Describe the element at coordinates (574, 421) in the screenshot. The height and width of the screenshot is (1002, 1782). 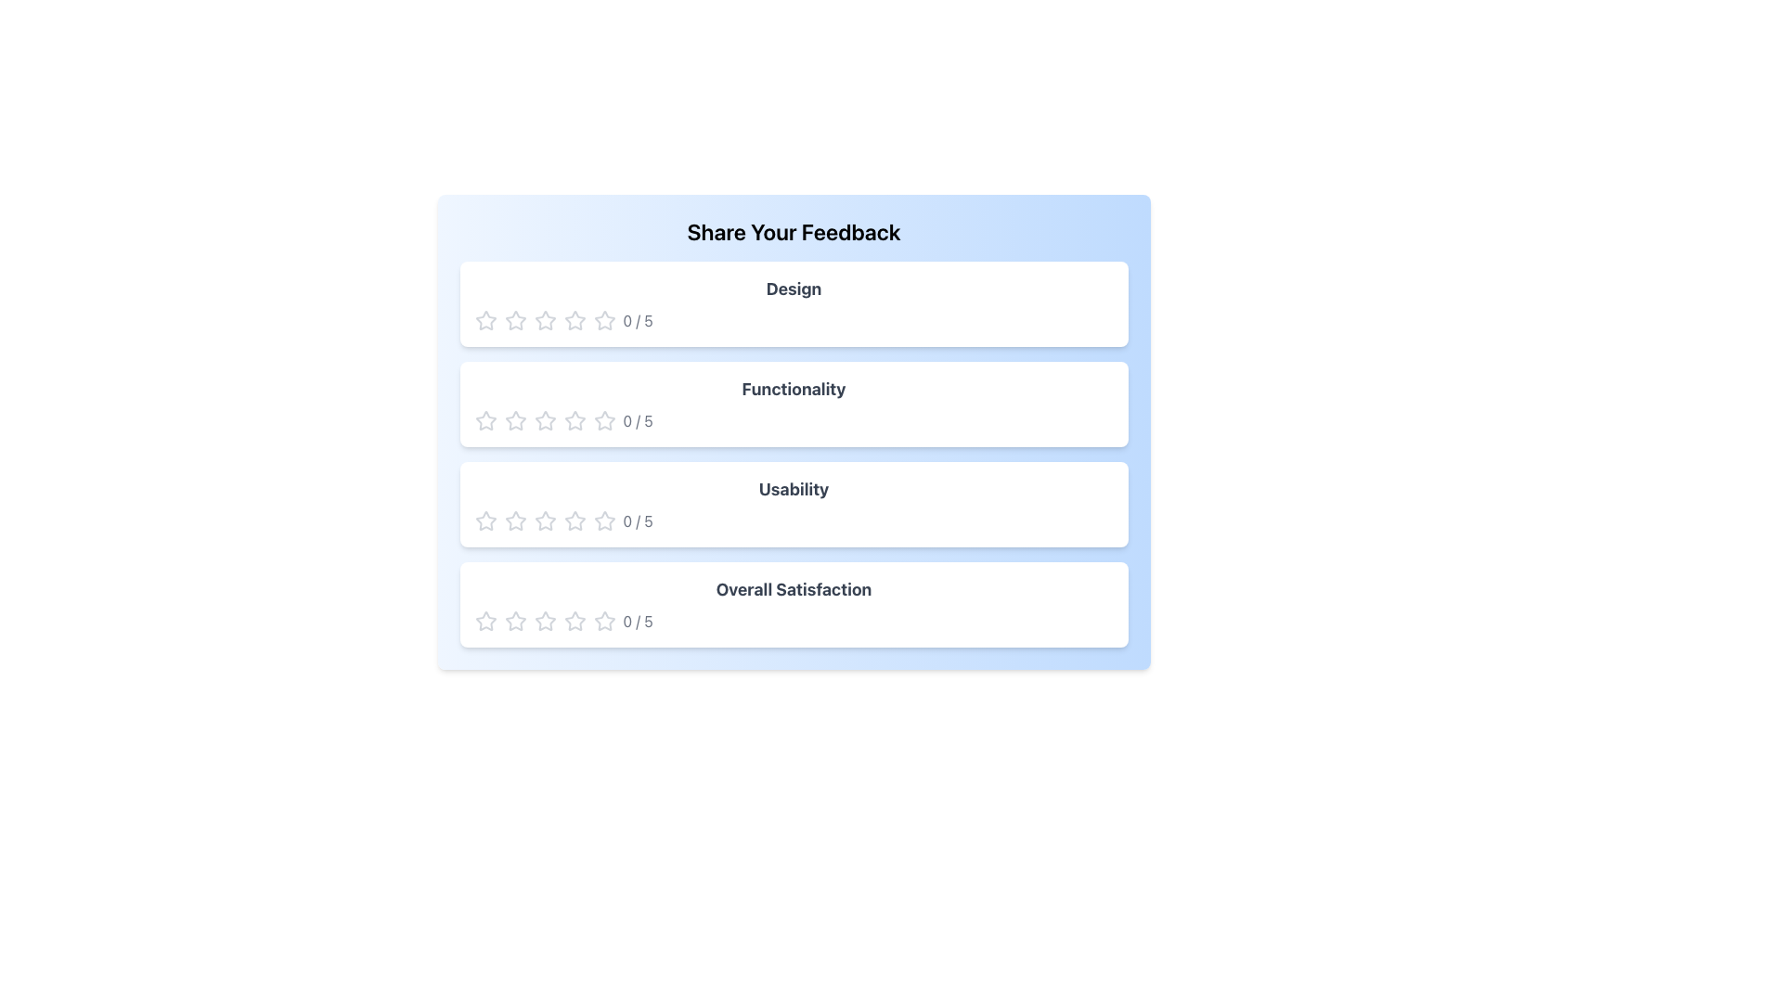
I see `the mouse across the series of star icons` at that location.